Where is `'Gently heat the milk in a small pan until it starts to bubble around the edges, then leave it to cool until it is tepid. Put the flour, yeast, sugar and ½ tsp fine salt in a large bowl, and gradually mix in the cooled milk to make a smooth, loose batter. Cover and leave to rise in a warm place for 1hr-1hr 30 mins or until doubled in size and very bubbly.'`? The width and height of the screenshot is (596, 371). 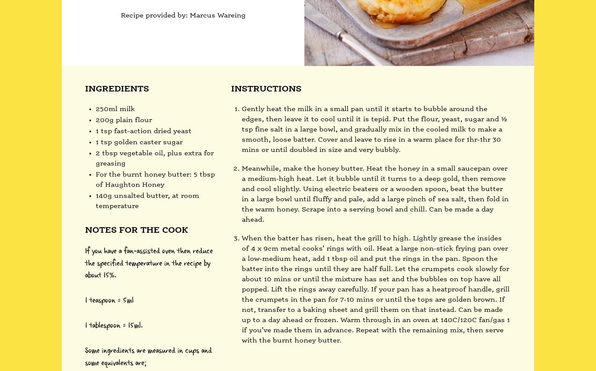
'Gently heat the milk in a small pan until it starts to bubble around the edges, then leave it to cool until it is tepid. Put the flour, yeast, sugar and ½ tsp fine salt in a large bowl, and gradually mix in the cooled milk to make a smooth, loose batter. Cover and leave to rise in a warm place for 1hr-1hr 30 mins or until doubled in size and very bubbly.' is located at coordinates (374, 128).